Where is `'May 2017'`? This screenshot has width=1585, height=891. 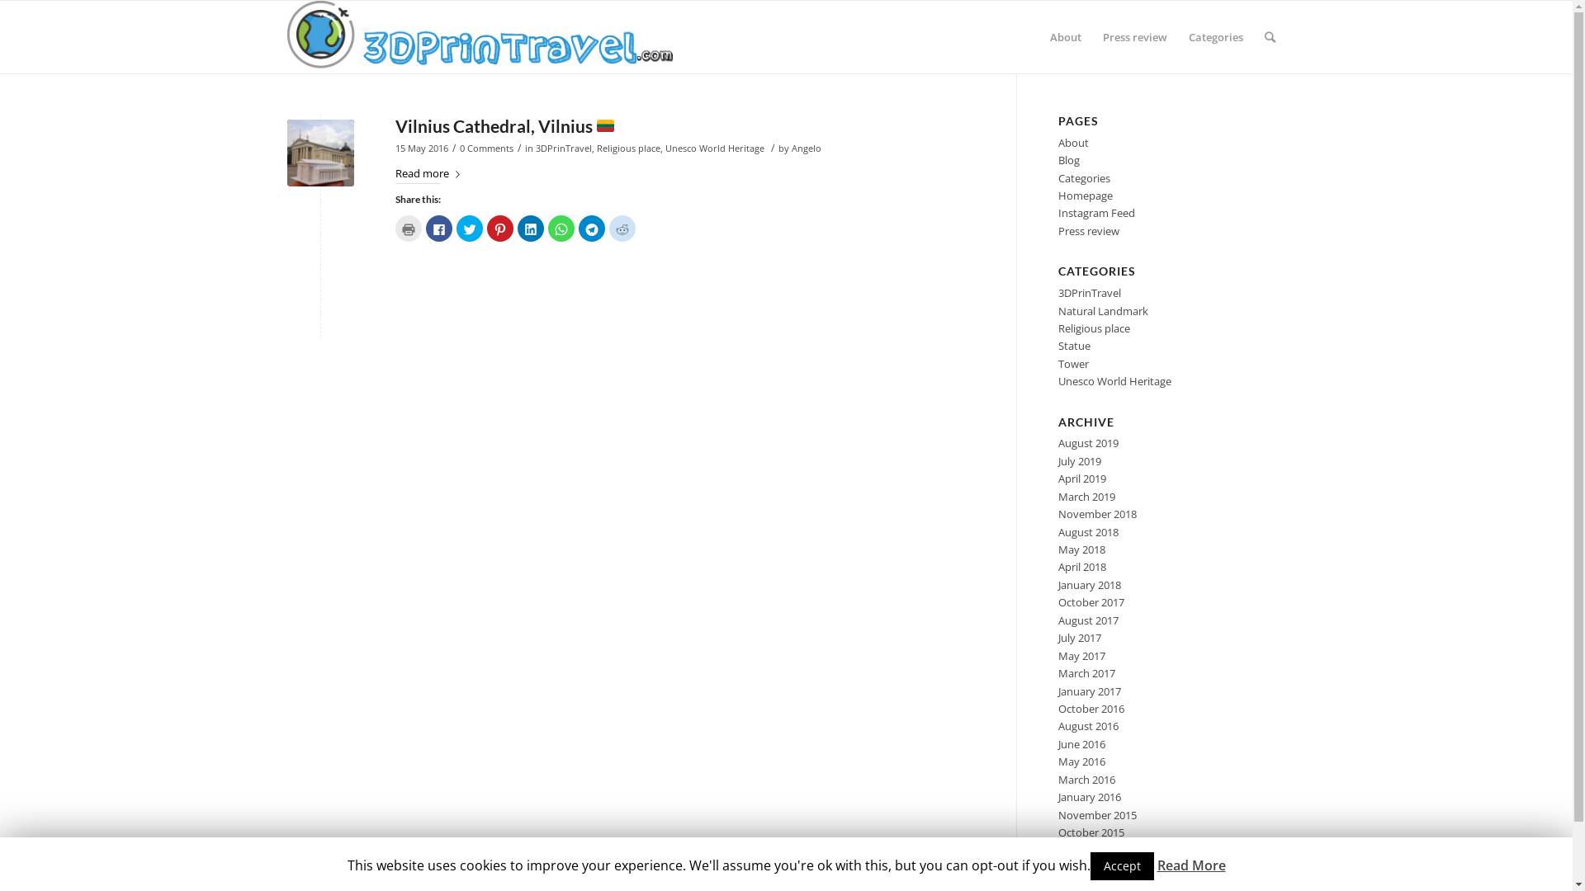 'May 2017' is located at coordinates (1057, 654).